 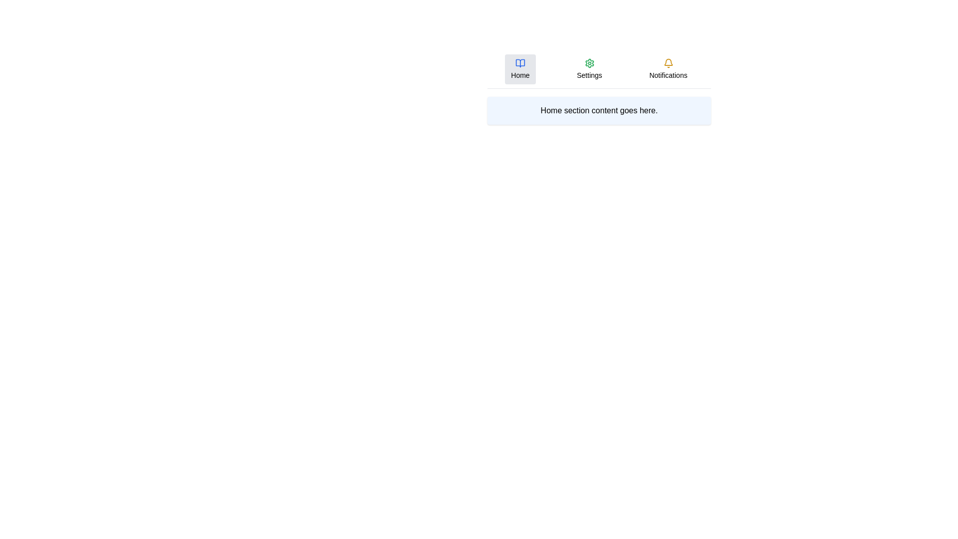 What do you see at coordinates (519, 68) in the screenshot?
I see `the Home tab by clicking on it` at bounding box center [519, 68].